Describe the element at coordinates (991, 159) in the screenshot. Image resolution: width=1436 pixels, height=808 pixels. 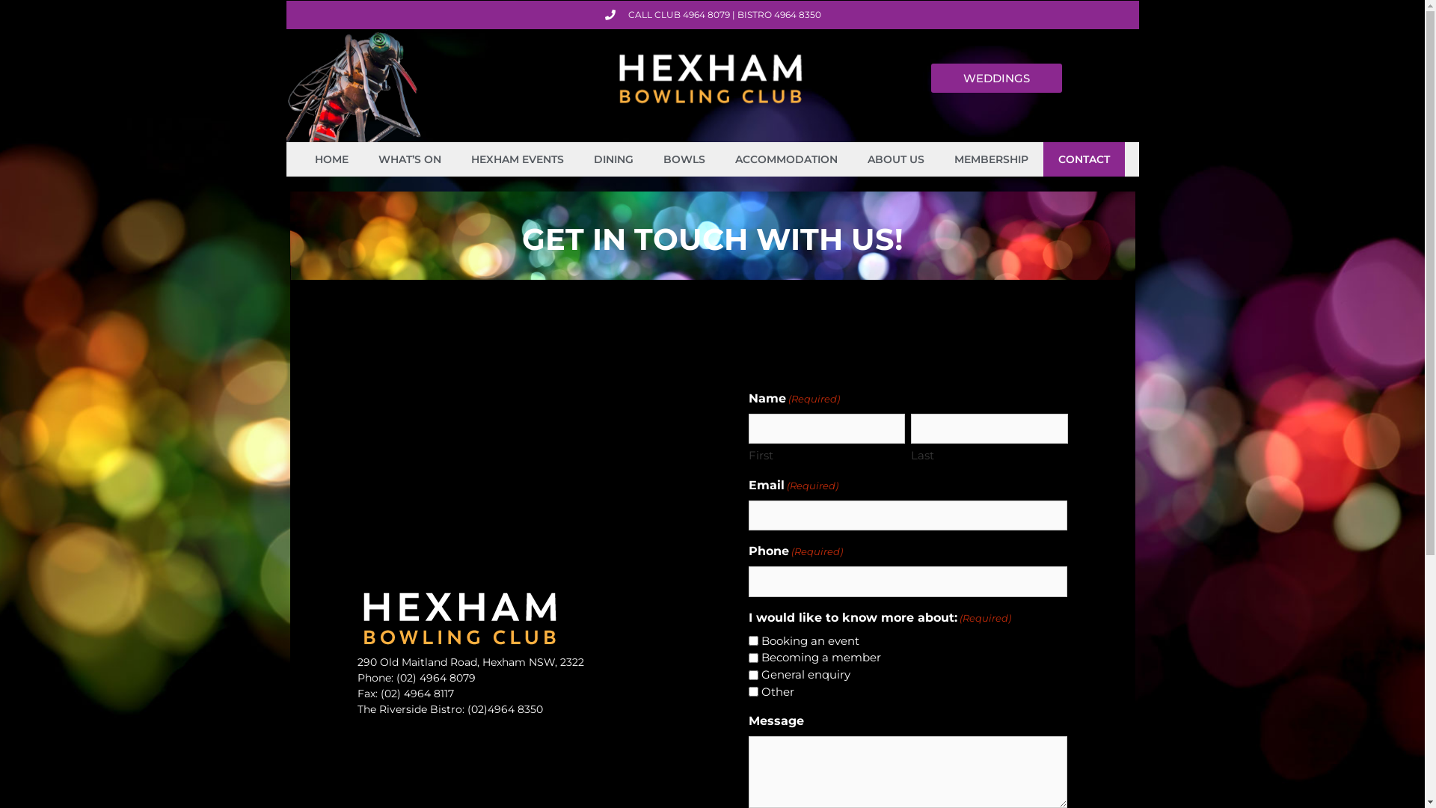
I see `'MEMBERSHIP'` at that location.